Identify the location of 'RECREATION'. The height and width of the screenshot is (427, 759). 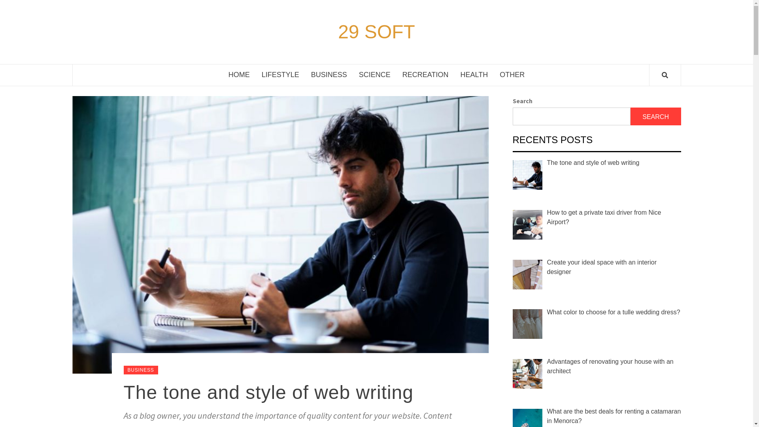
(425, 75).